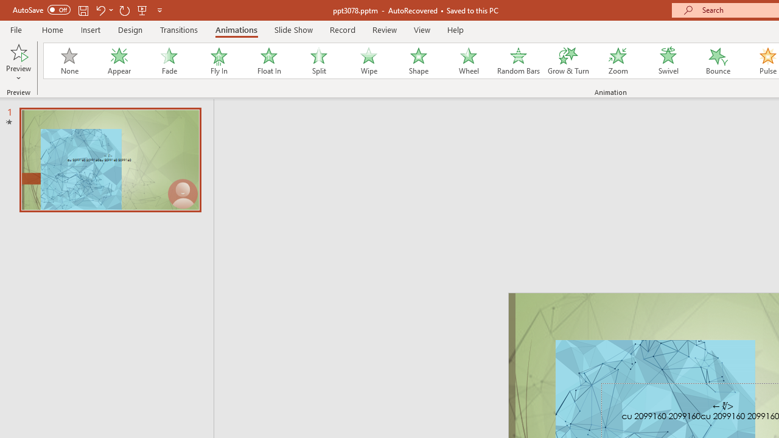 The height and width of the screenshot is (438, 779). I want to click on 'Shape', so click(419, 61).